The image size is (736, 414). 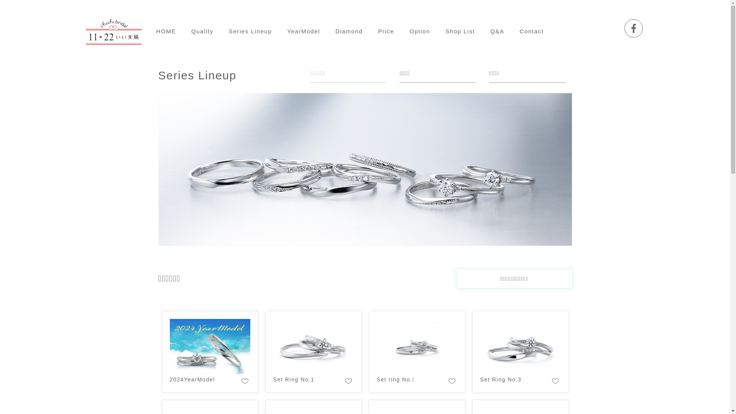 I want to click on 'Facebook', so click(x=624, y=28).